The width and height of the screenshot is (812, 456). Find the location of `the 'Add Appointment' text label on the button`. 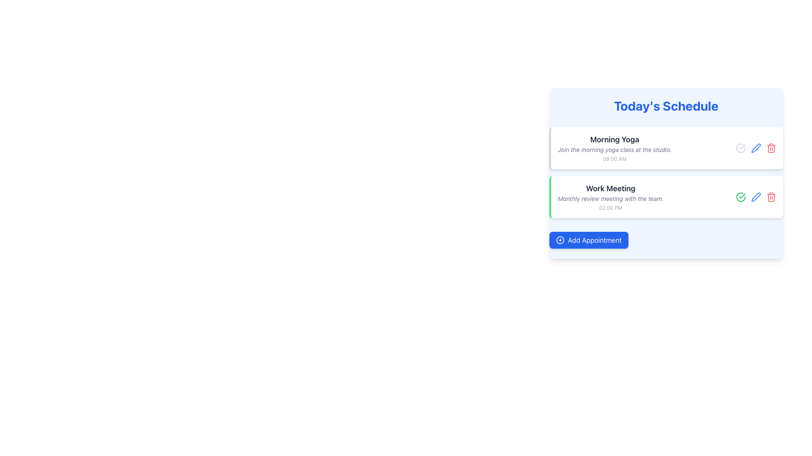

the 'Add Appointment' text label on the button is located at coordinates (594, 240).